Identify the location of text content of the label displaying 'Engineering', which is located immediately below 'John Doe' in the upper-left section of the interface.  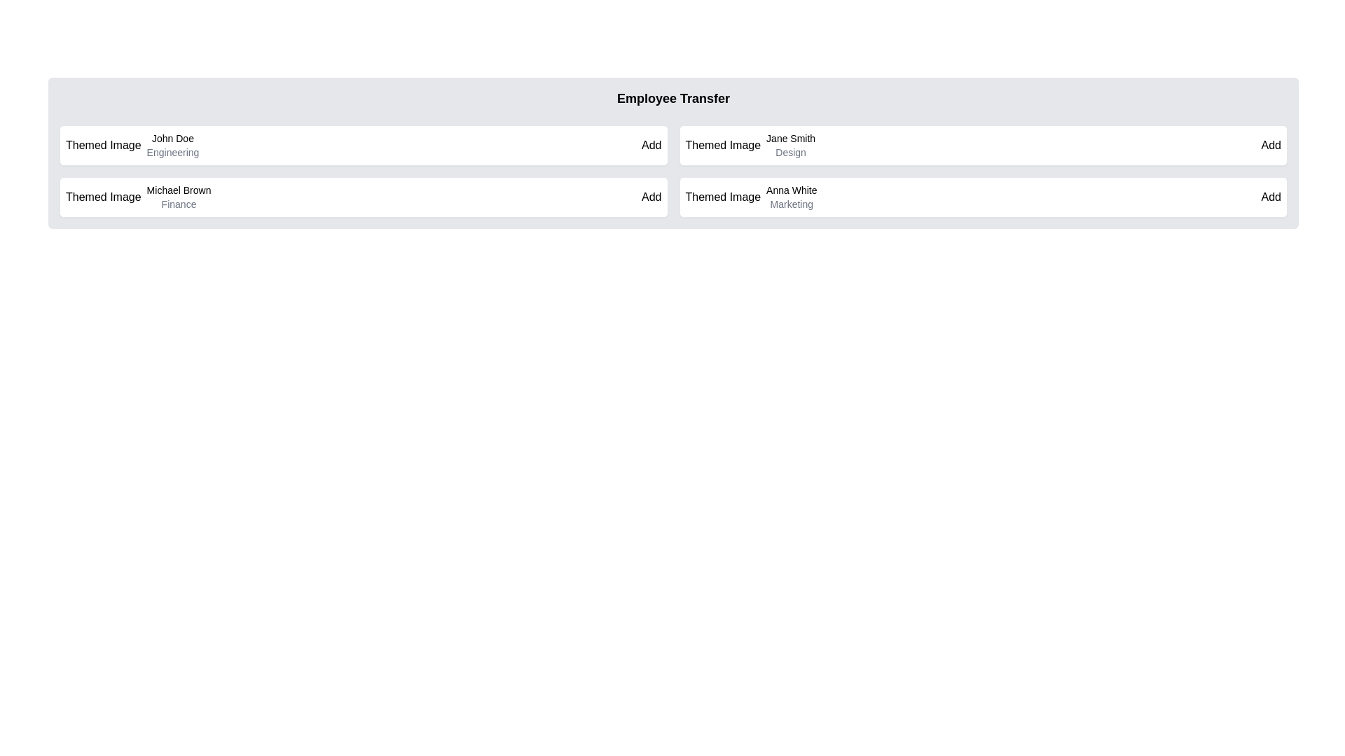
(172, 153).